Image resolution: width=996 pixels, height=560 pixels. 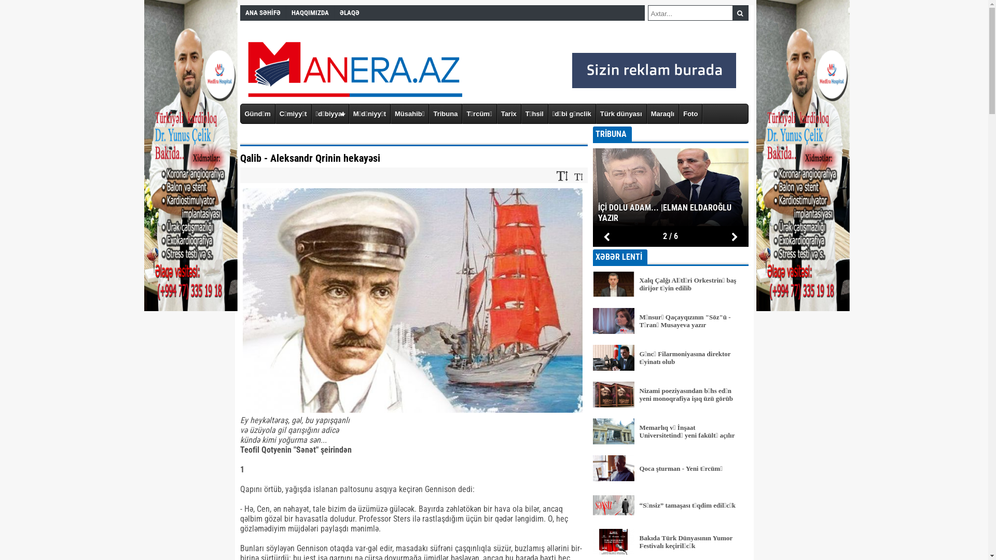 I want to click on 'Tribuna', so click(x=446, y=114).